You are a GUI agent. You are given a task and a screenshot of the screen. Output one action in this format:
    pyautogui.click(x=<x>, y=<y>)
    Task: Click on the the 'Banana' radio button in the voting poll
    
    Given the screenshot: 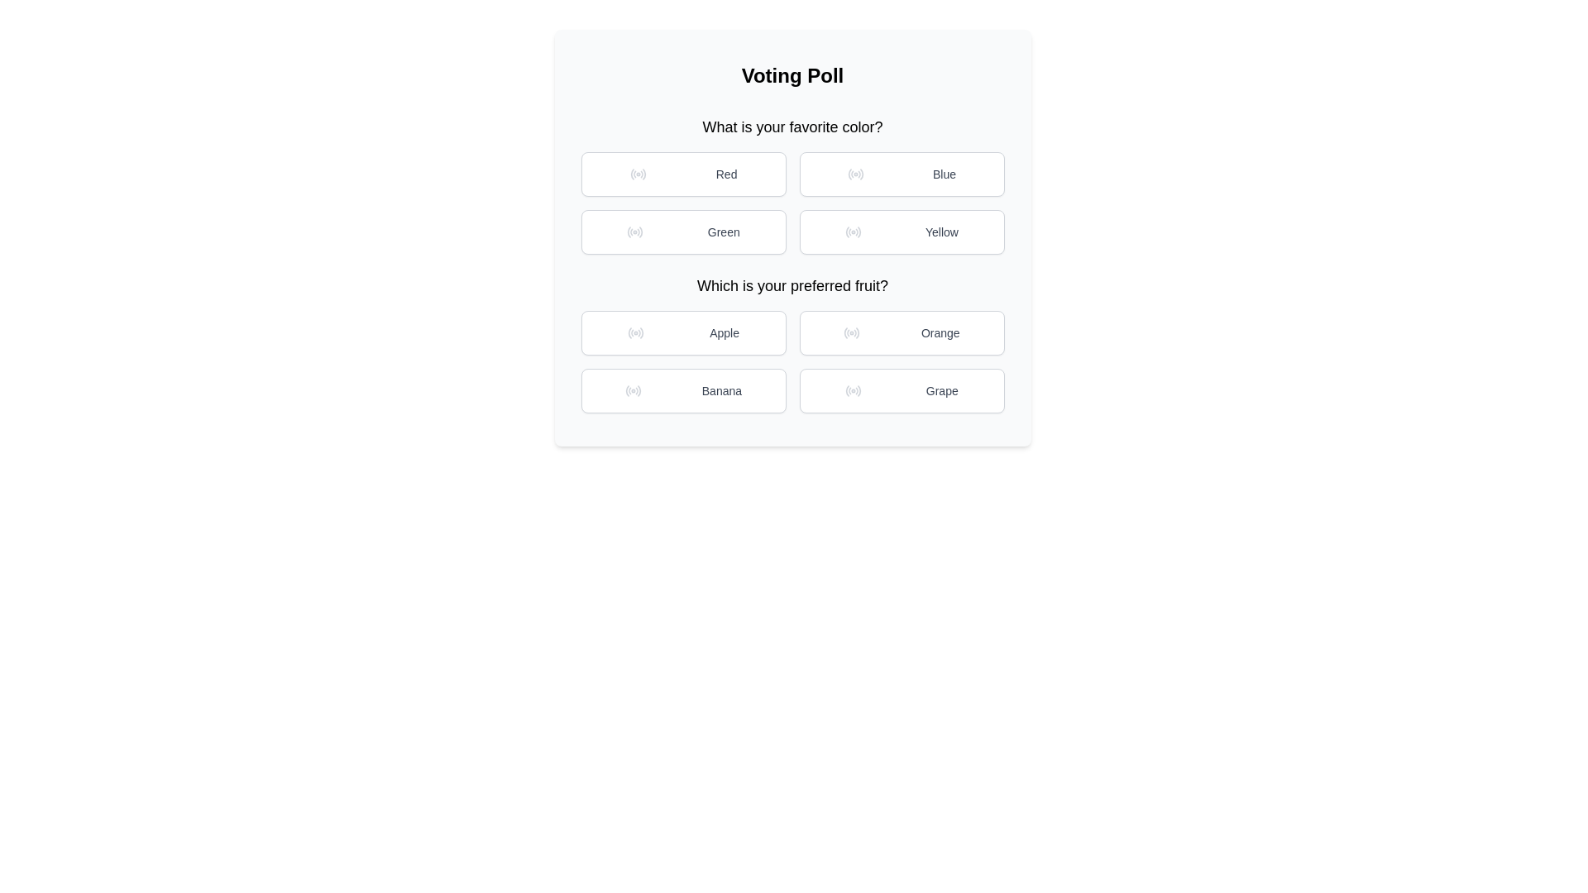 What is the action you would take?
    pyautogui.click(x=632, y=391)
    